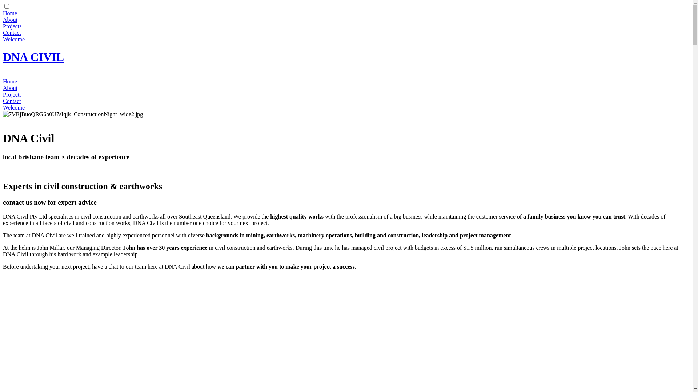 This screenshot has height=392, width=698. What do you see at coordinates (3, 13) in the screenshot?
I see `'Home'` at bounding box center [3, 13].